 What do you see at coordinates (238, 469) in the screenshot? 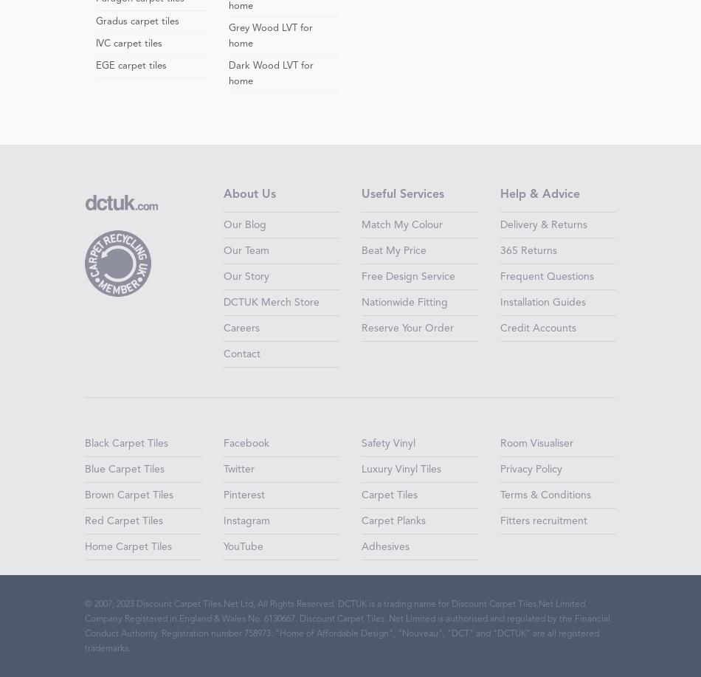
I see `'Twitter'` at bounding box center [238, 469].